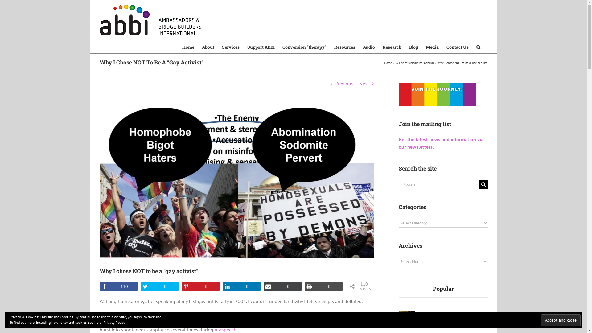  What do you see at coordinates (261, 46) in the screenshot?
I see `'Support ABBI'` at bounding box center [261, 46].